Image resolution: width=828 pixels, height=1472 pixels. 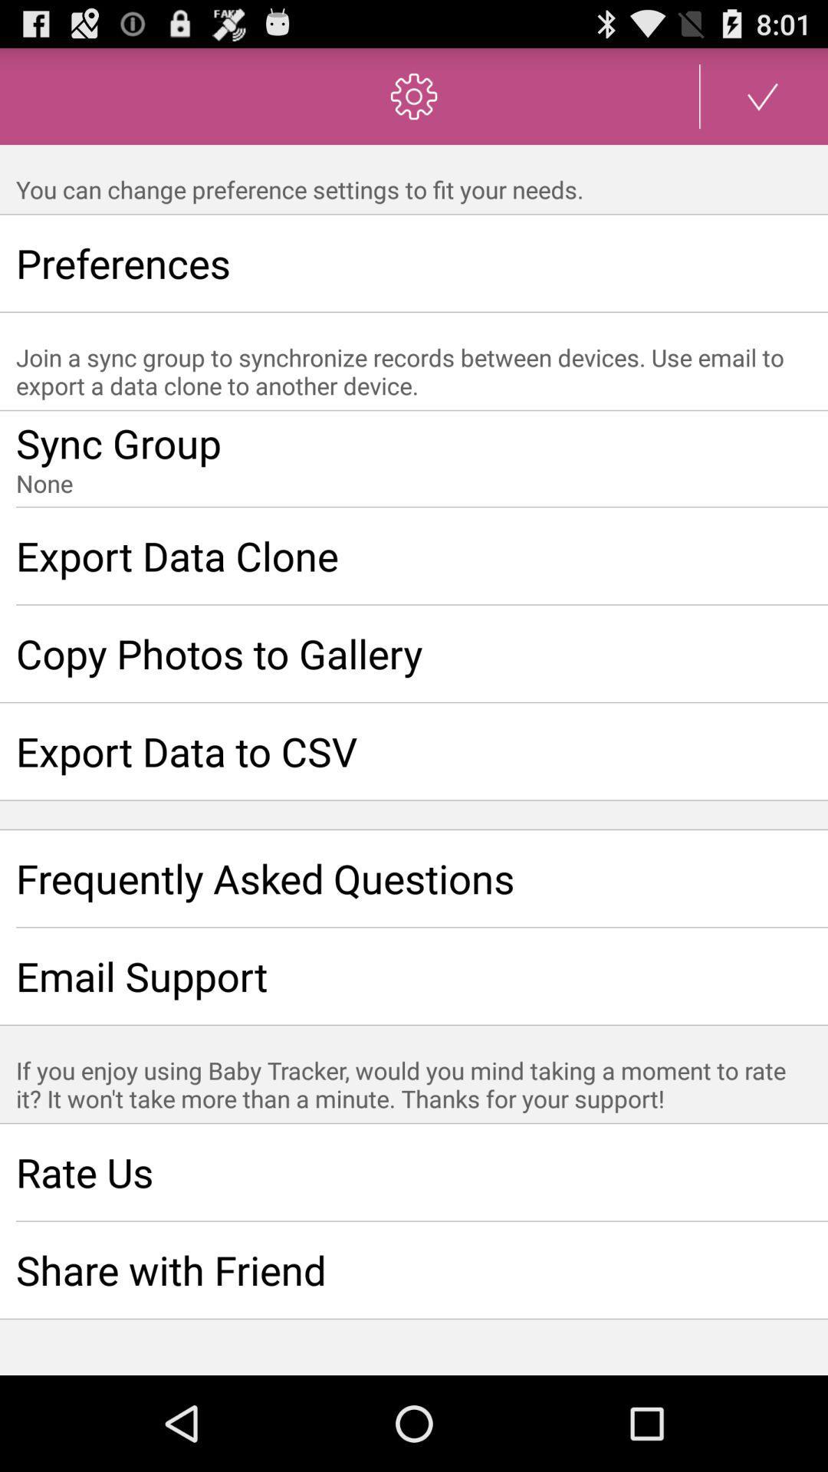 What do you see at coordinates (763, 102) in the screenshot?
I see `the check icon` at bounding box center [763, 102].